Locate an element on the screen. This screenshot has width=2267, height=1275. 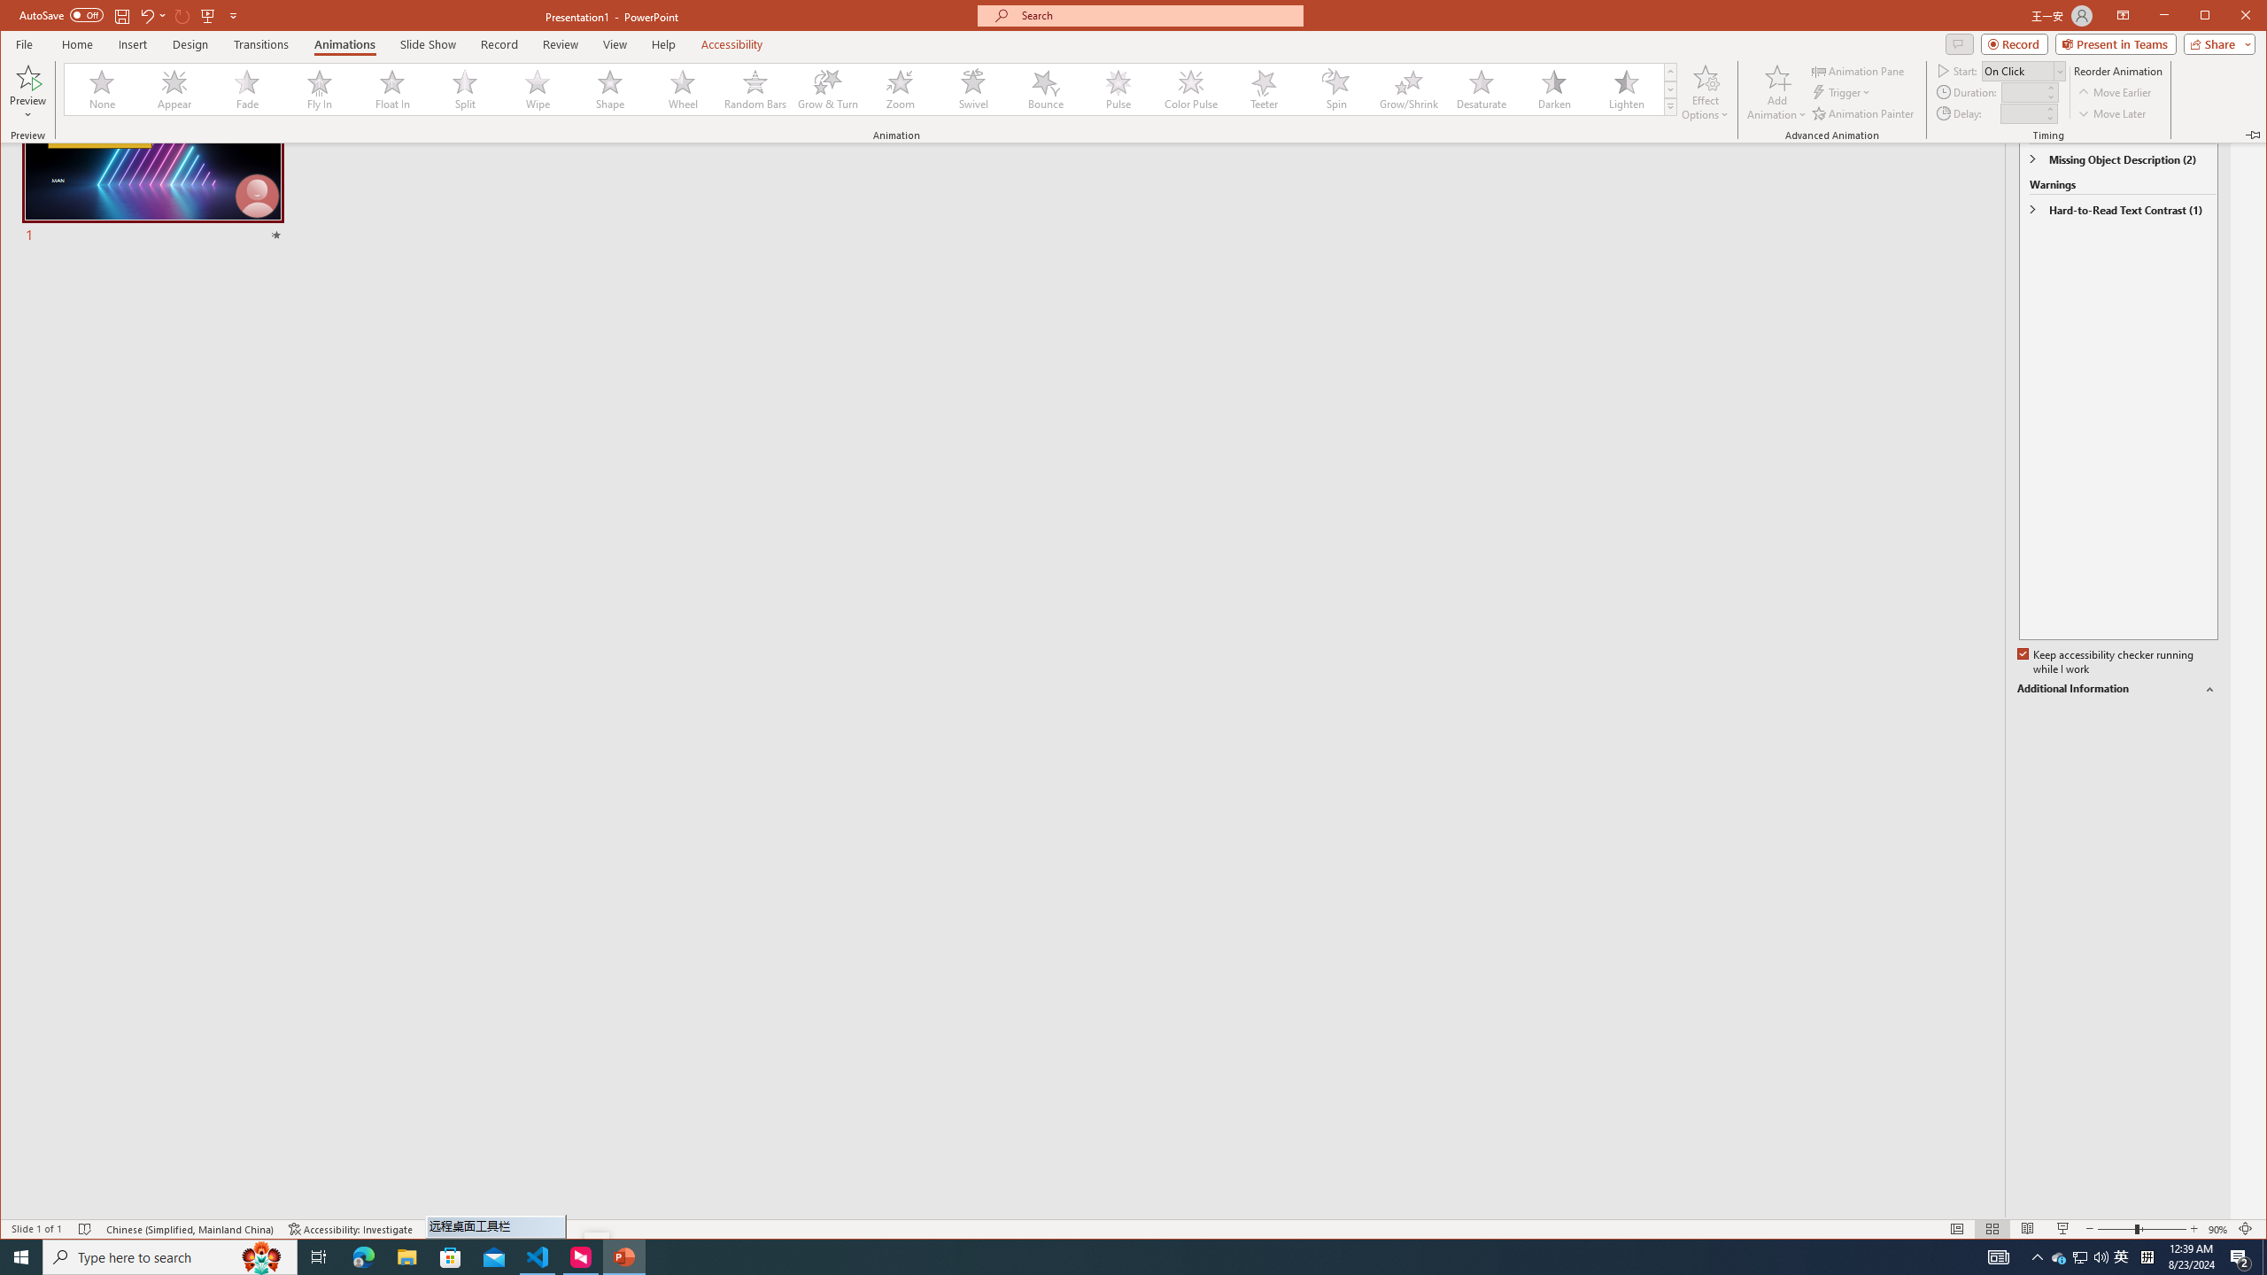
'Reading View' is located at coordinates (2026, 1228).